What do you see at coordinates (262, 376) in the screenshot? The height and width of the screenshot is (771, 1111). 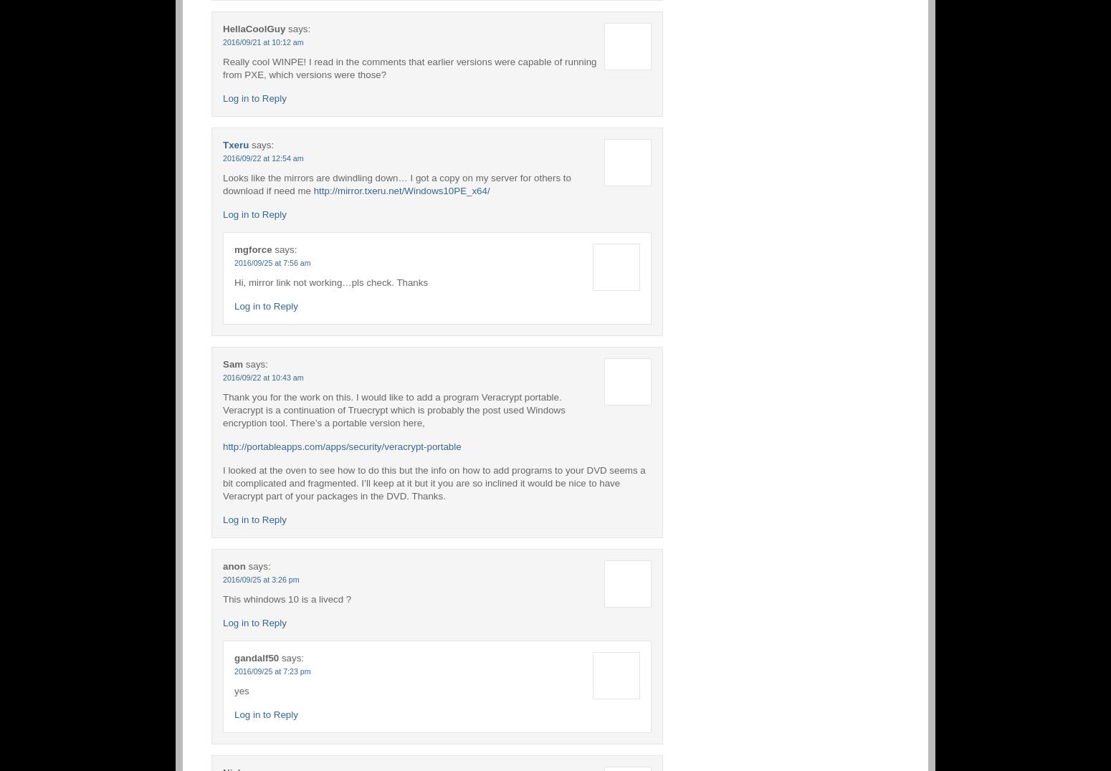 I see `'2016/09/22 at 10:43 am'` at bounding box center [262, 376].